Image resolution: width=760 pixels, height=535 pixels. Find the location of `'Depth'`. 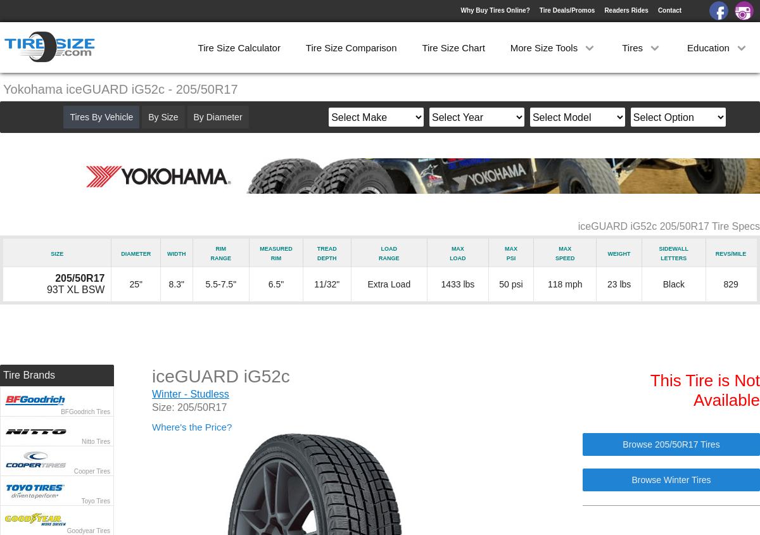

'Depth' is located at coordinates (326, 256).